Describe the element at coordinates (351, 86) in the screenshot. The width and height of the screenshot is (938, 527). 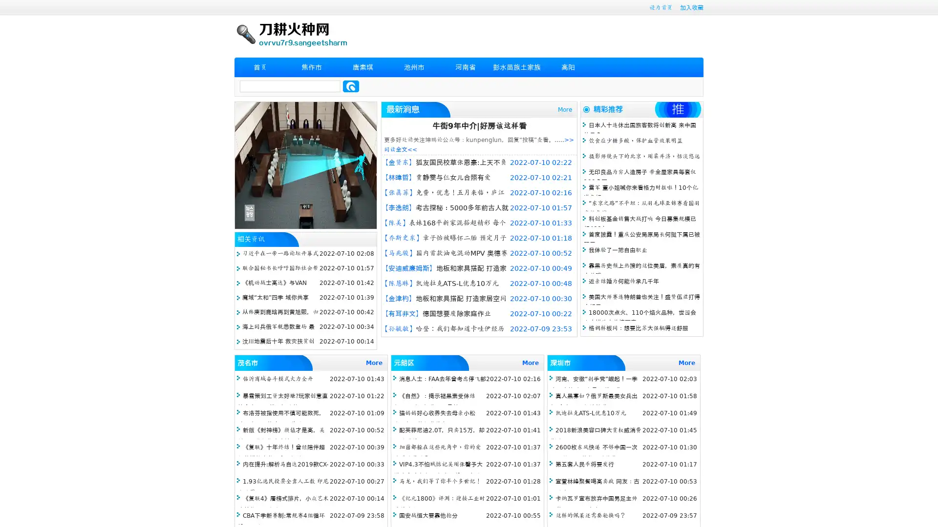
I see `Search` at that location.